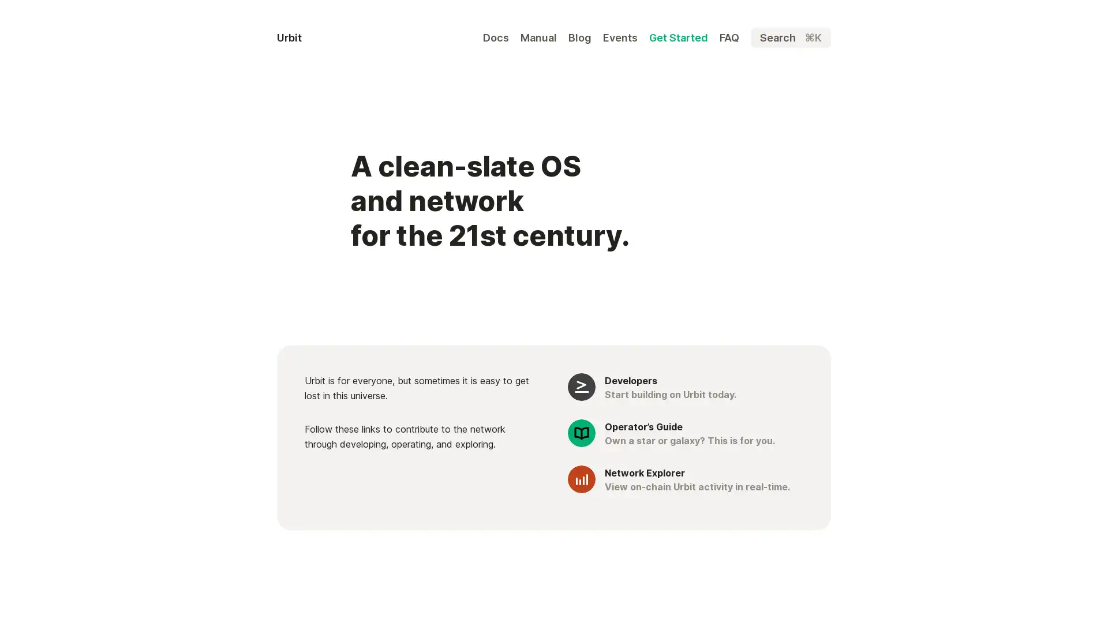 The width and height of the screenshot is (1108, 623). I want to click on Search K, so click(790, 37).